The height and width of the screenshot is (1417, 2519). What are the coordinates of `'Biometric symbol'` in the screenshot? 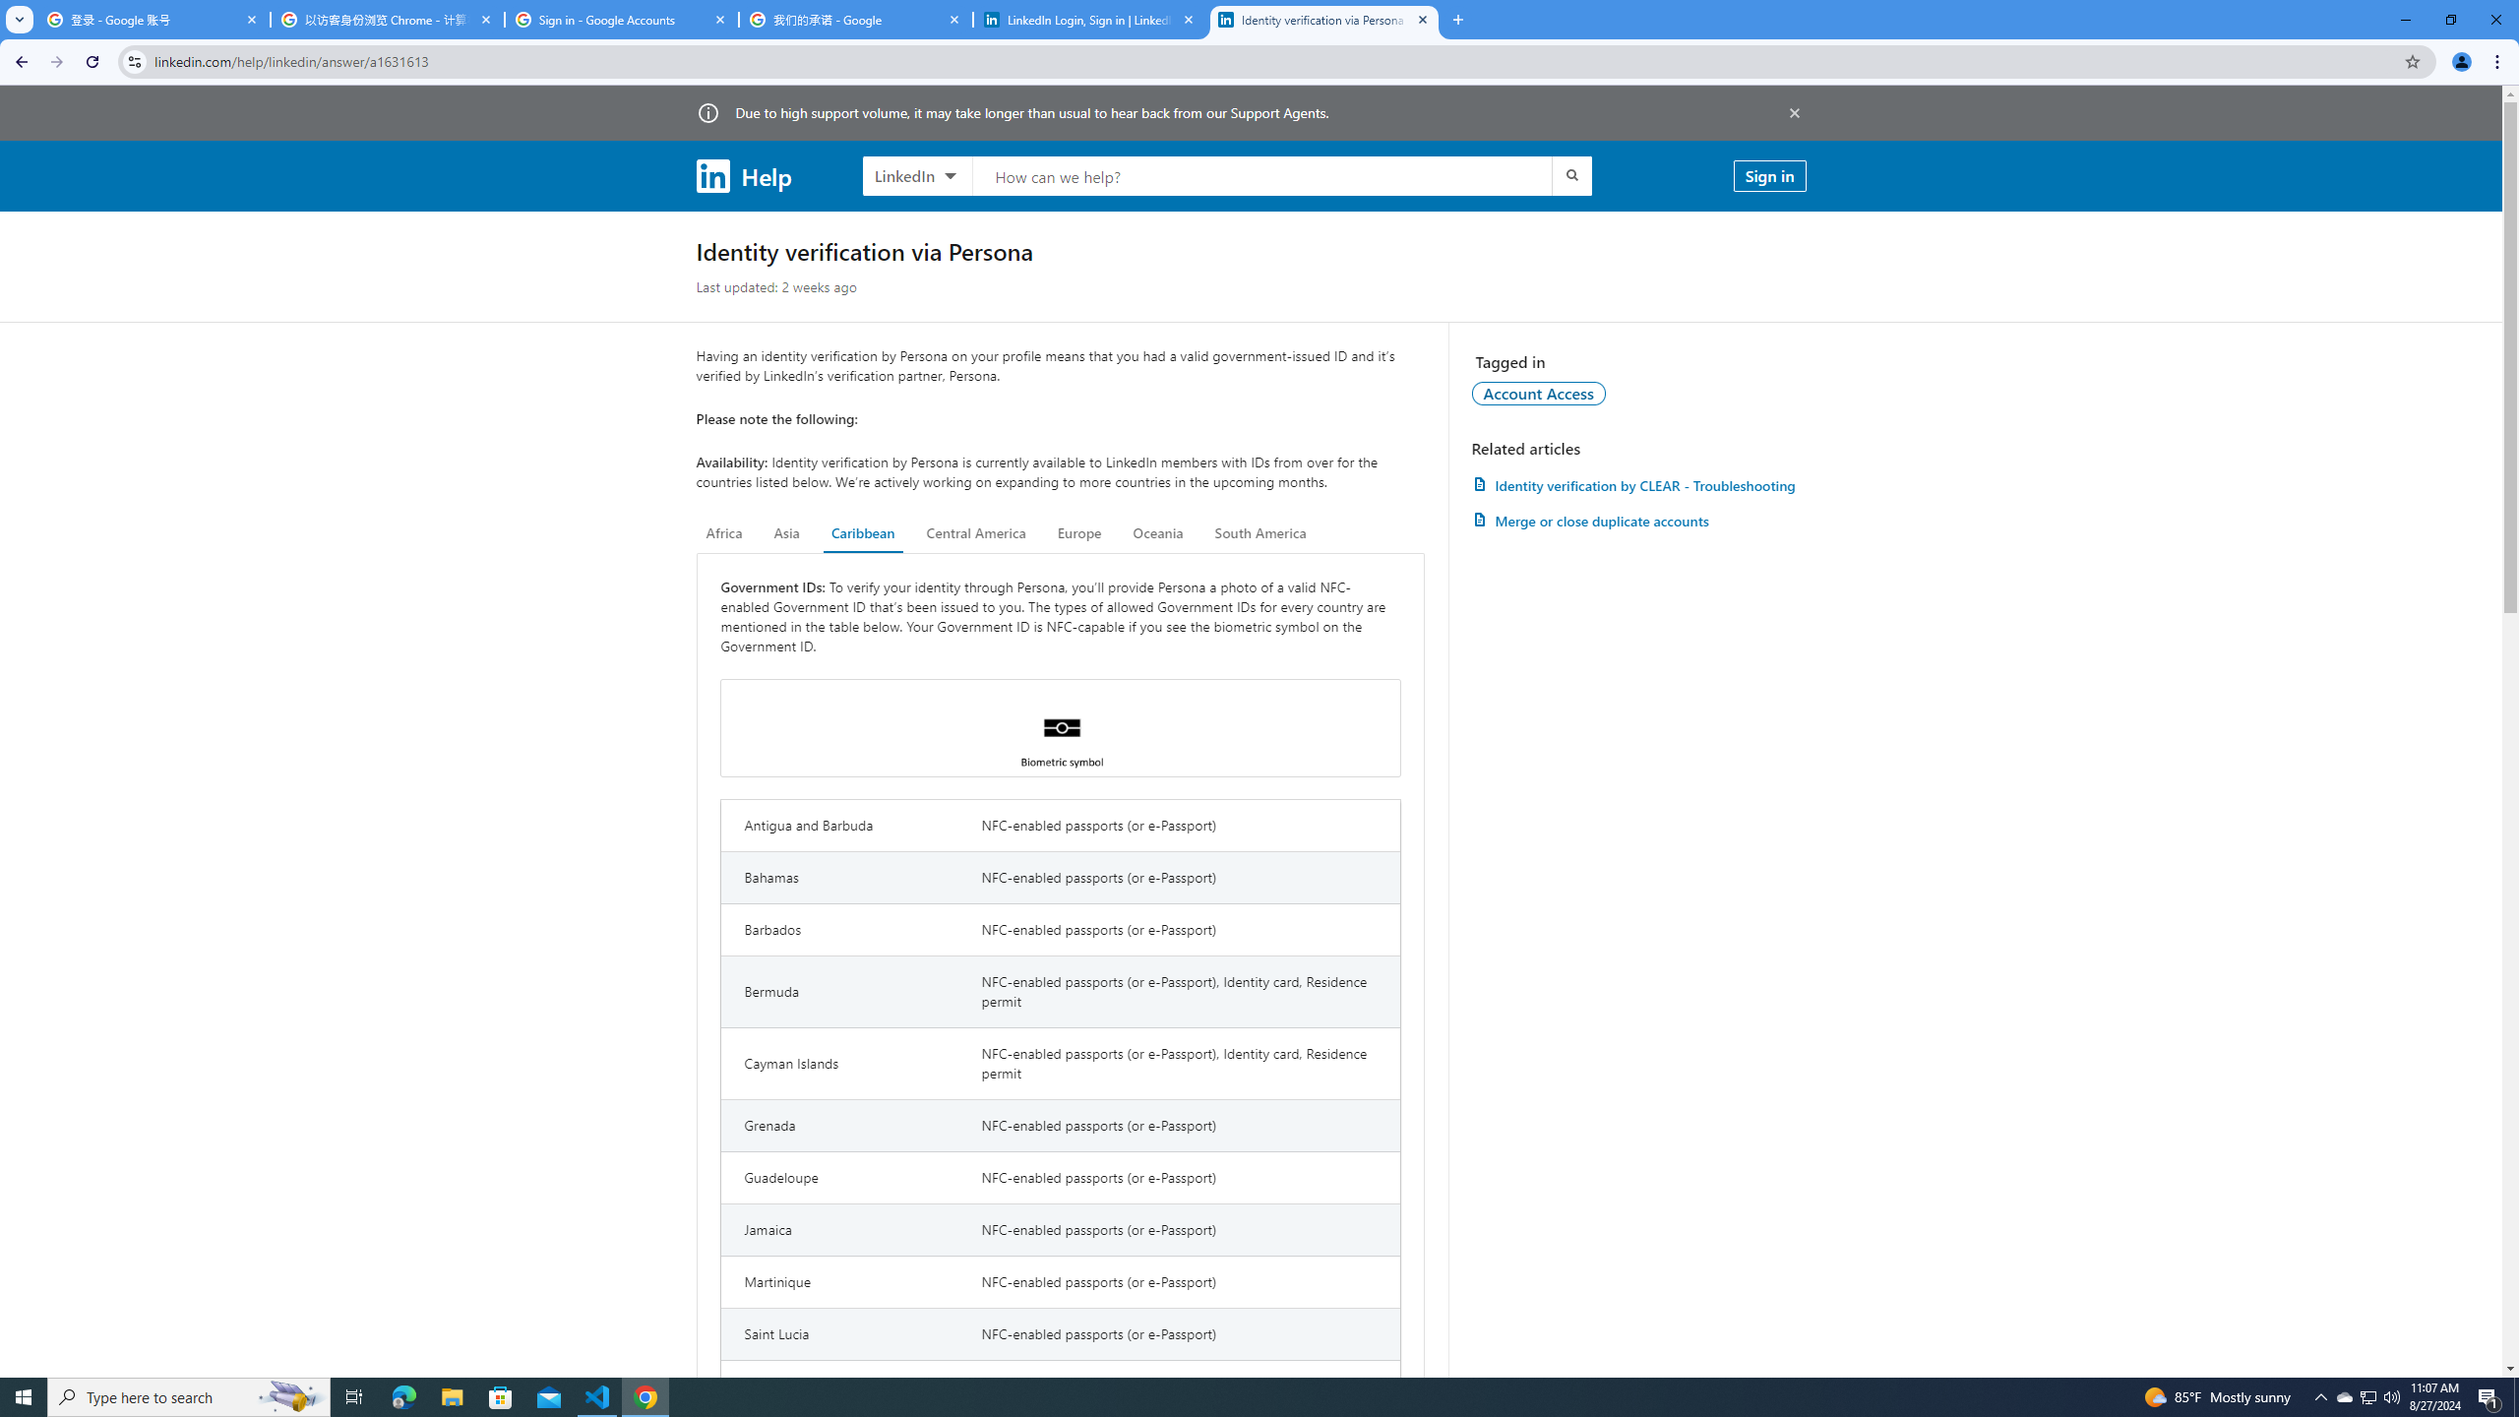 It's located at (1059, 727).